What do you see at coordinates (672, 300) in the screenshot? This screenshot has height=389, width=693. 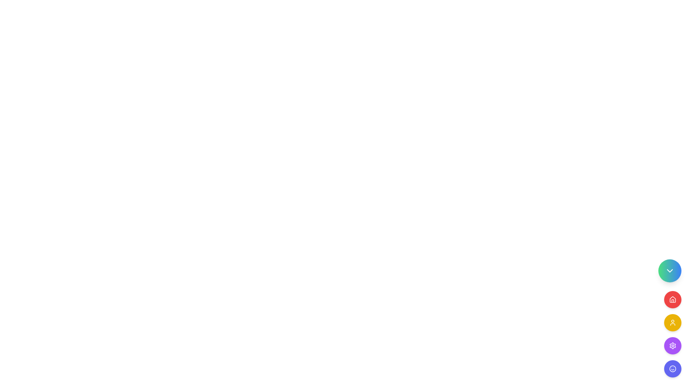 I see `the second circular button in the vertical stack on the right side of the layout` at bounding box center [672, 300].